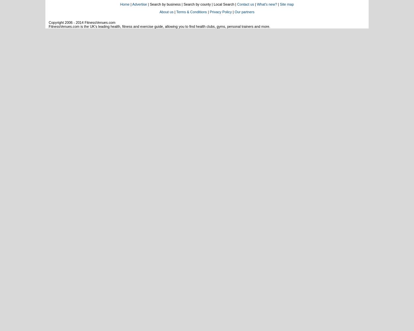  What do you see at coordinates (125, 4) in the screenshot?
I see `'Home'` at bounding box center [125, 4].